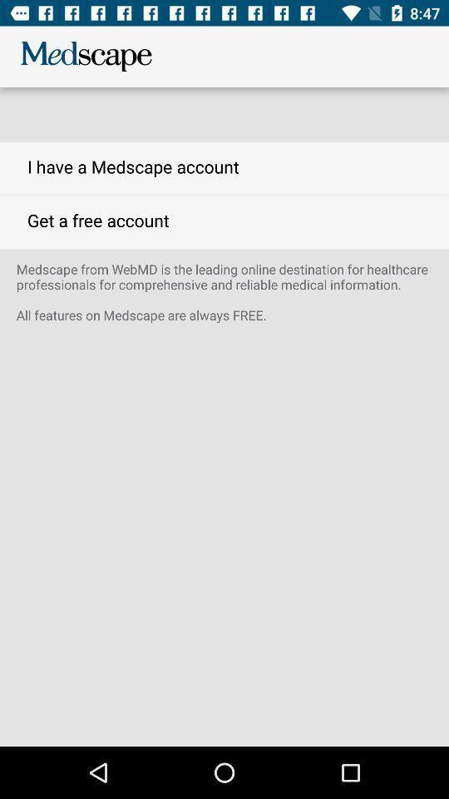 The height and width of the screenshot is (799, 449). Describe the element at coordinates (224, 221) in the screenshot. I see `the get a free item` at that location.